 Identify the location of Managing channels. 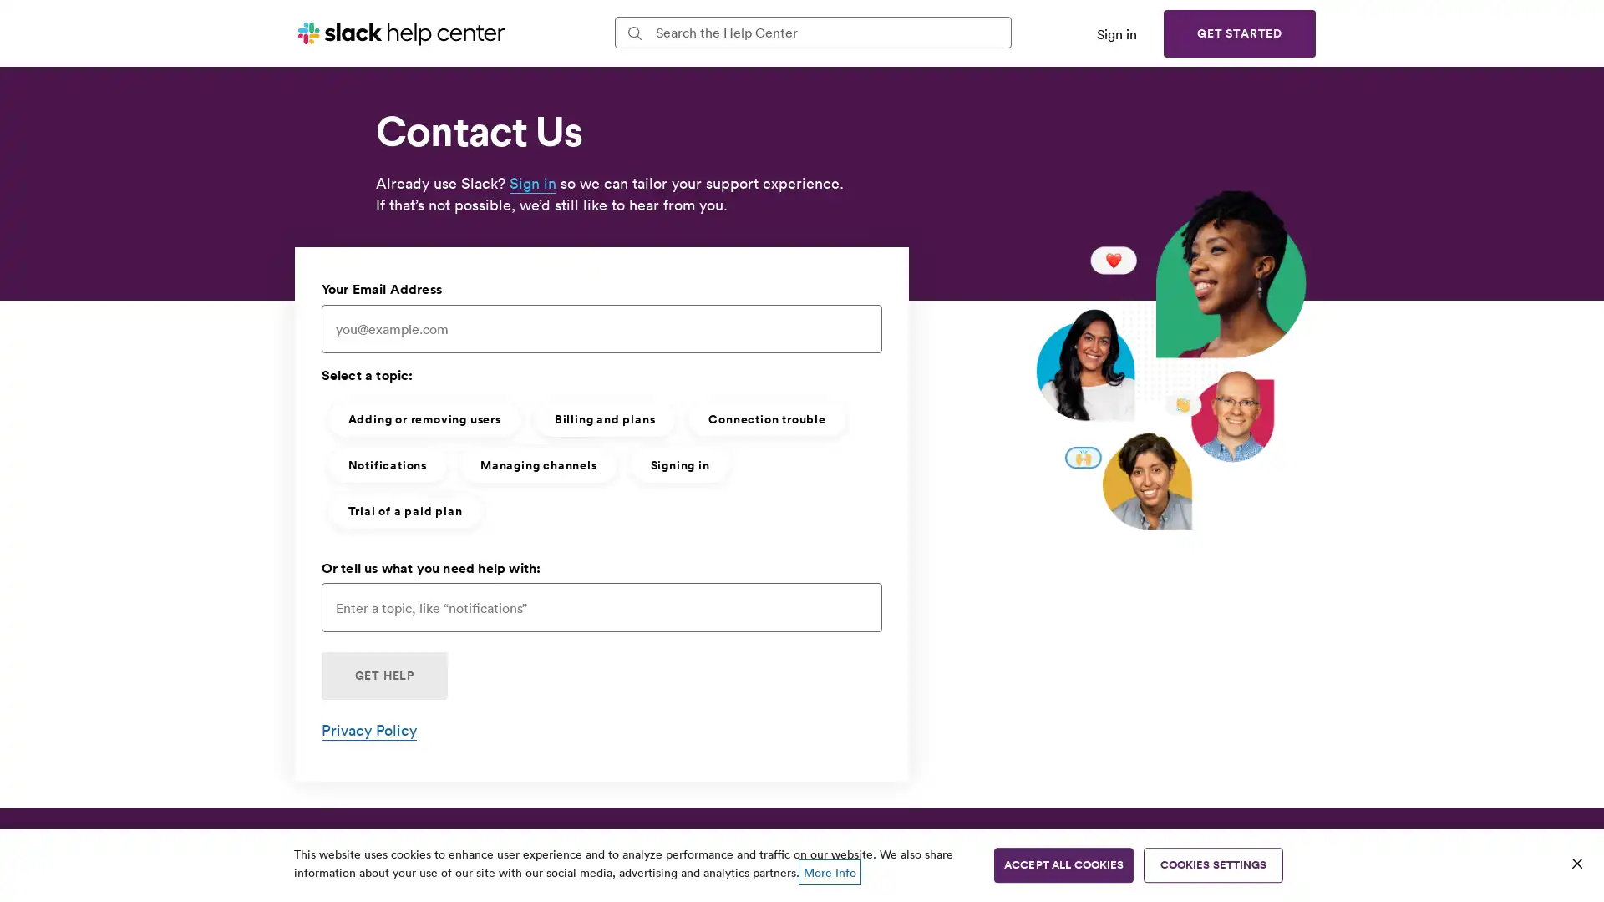
(537, 464).